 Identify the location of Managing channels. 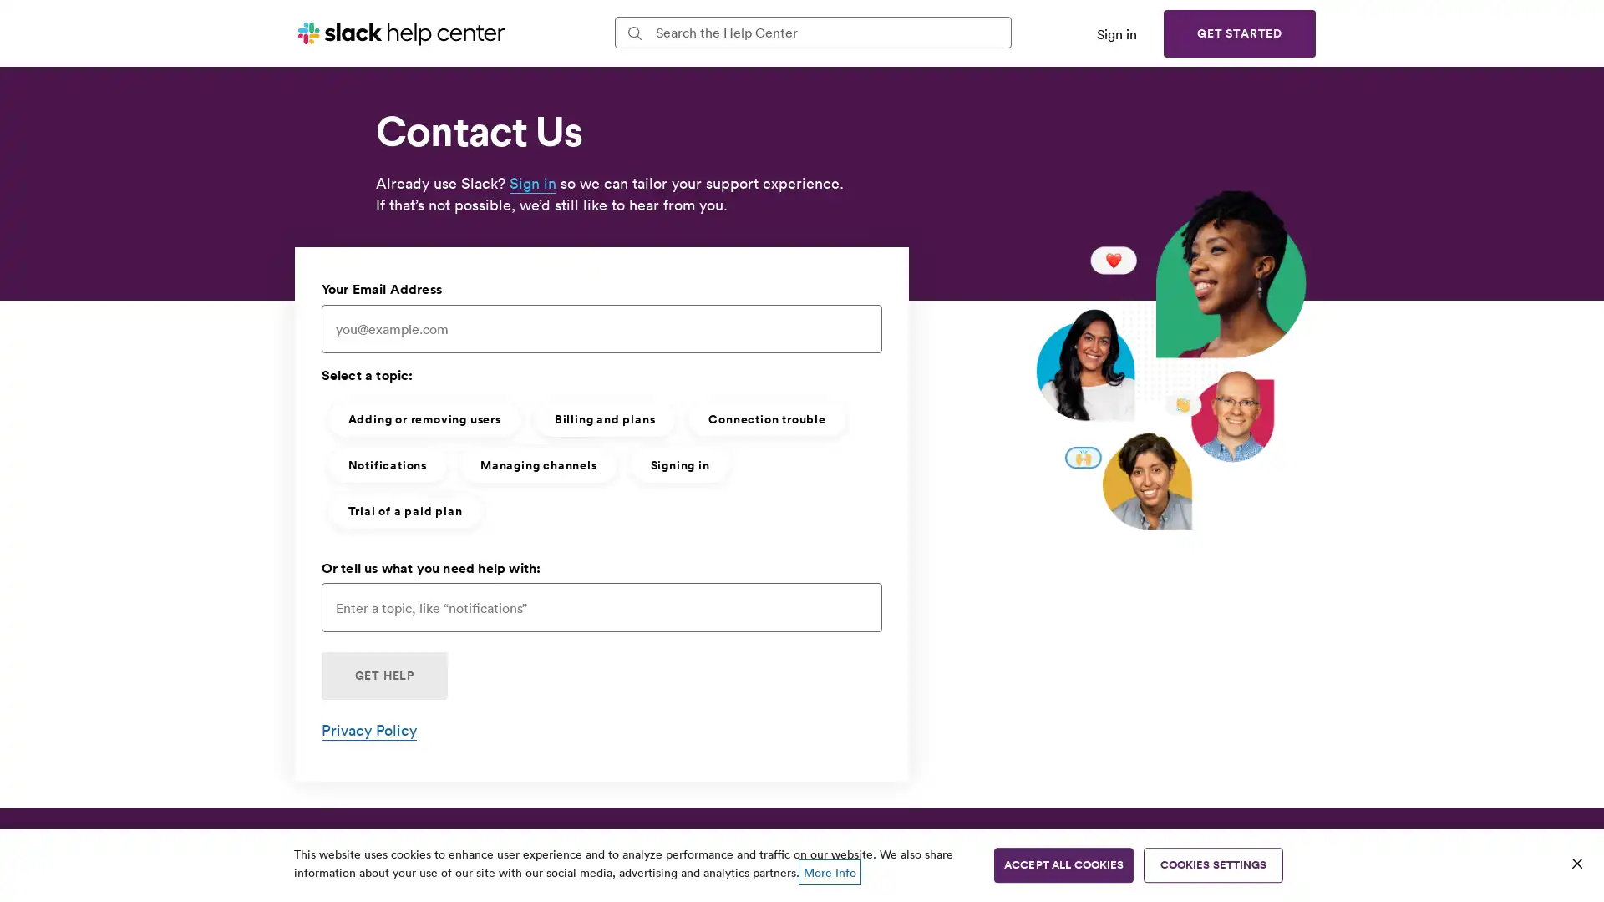
(537, 464).